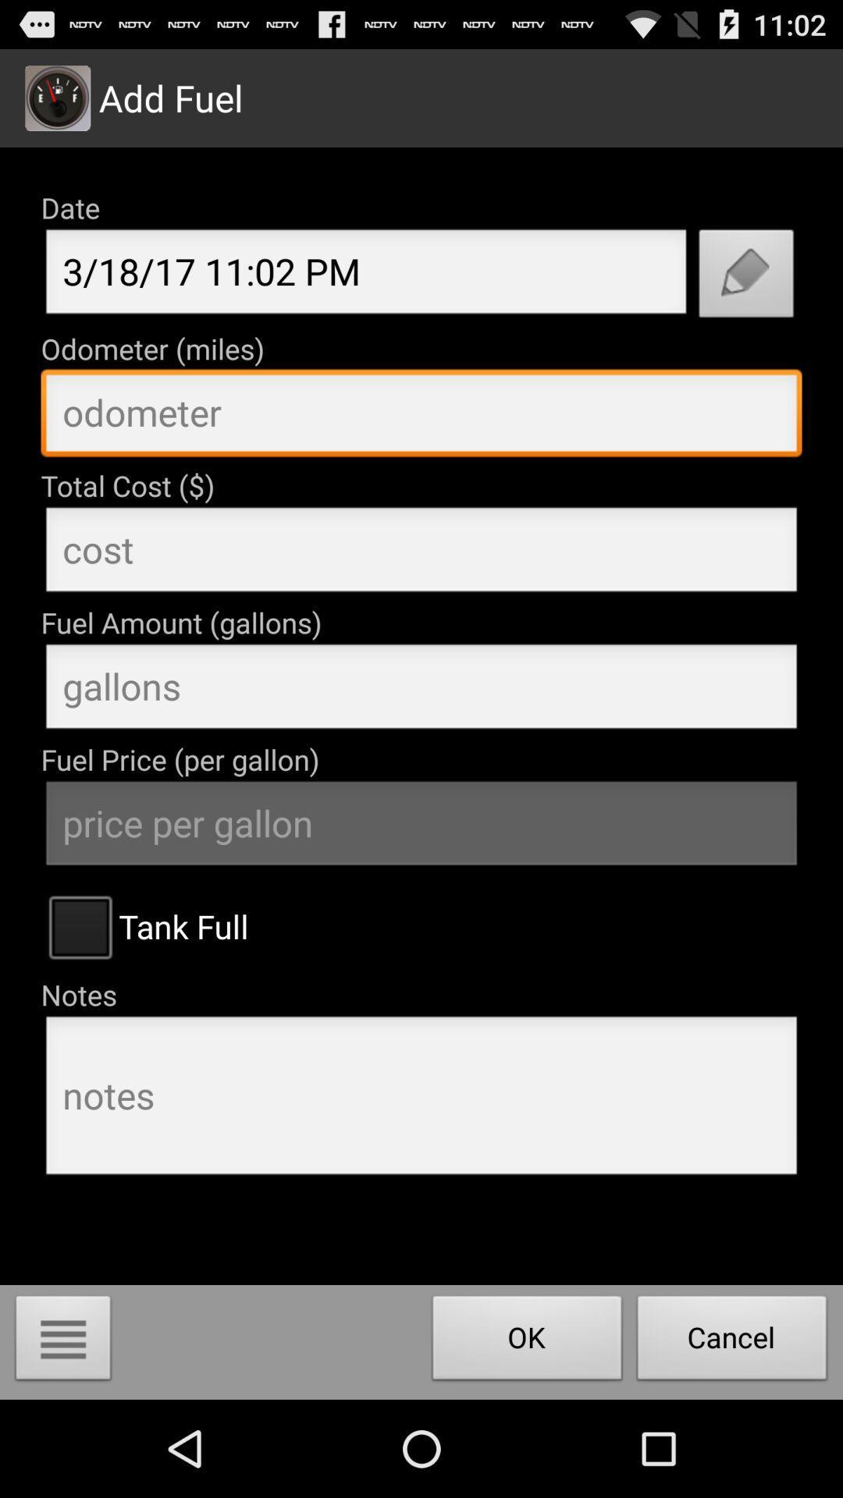 The height and width of the screenshot is (1498, 843). What do you see at coordinates (745, 297) in the screenshot?
I see `the edit icon` at bounding box center [745, 297].